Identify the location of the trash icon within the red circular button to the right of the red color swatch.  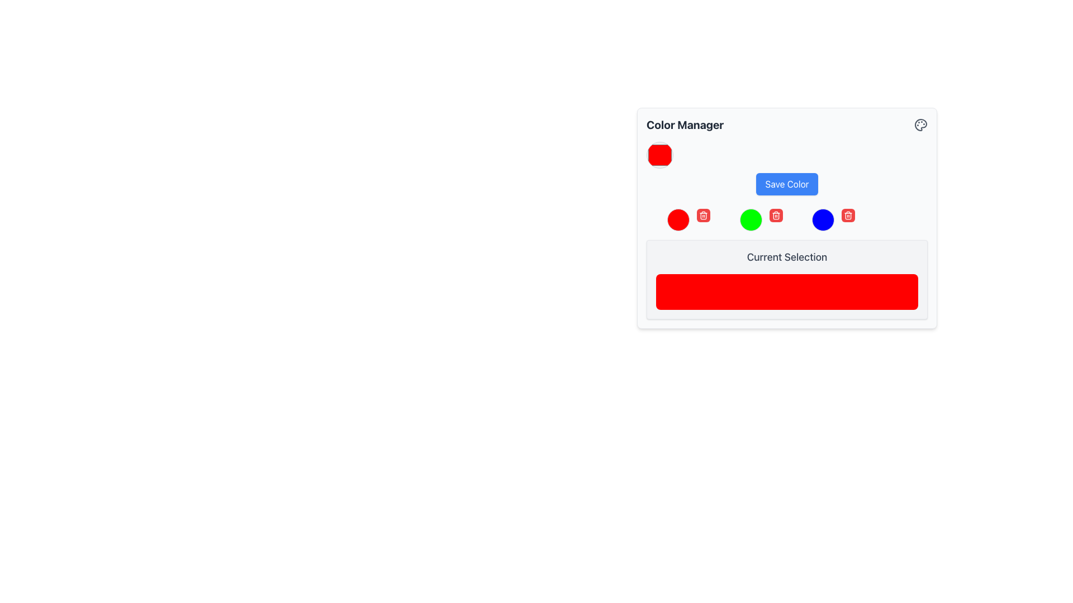
(775, 215).